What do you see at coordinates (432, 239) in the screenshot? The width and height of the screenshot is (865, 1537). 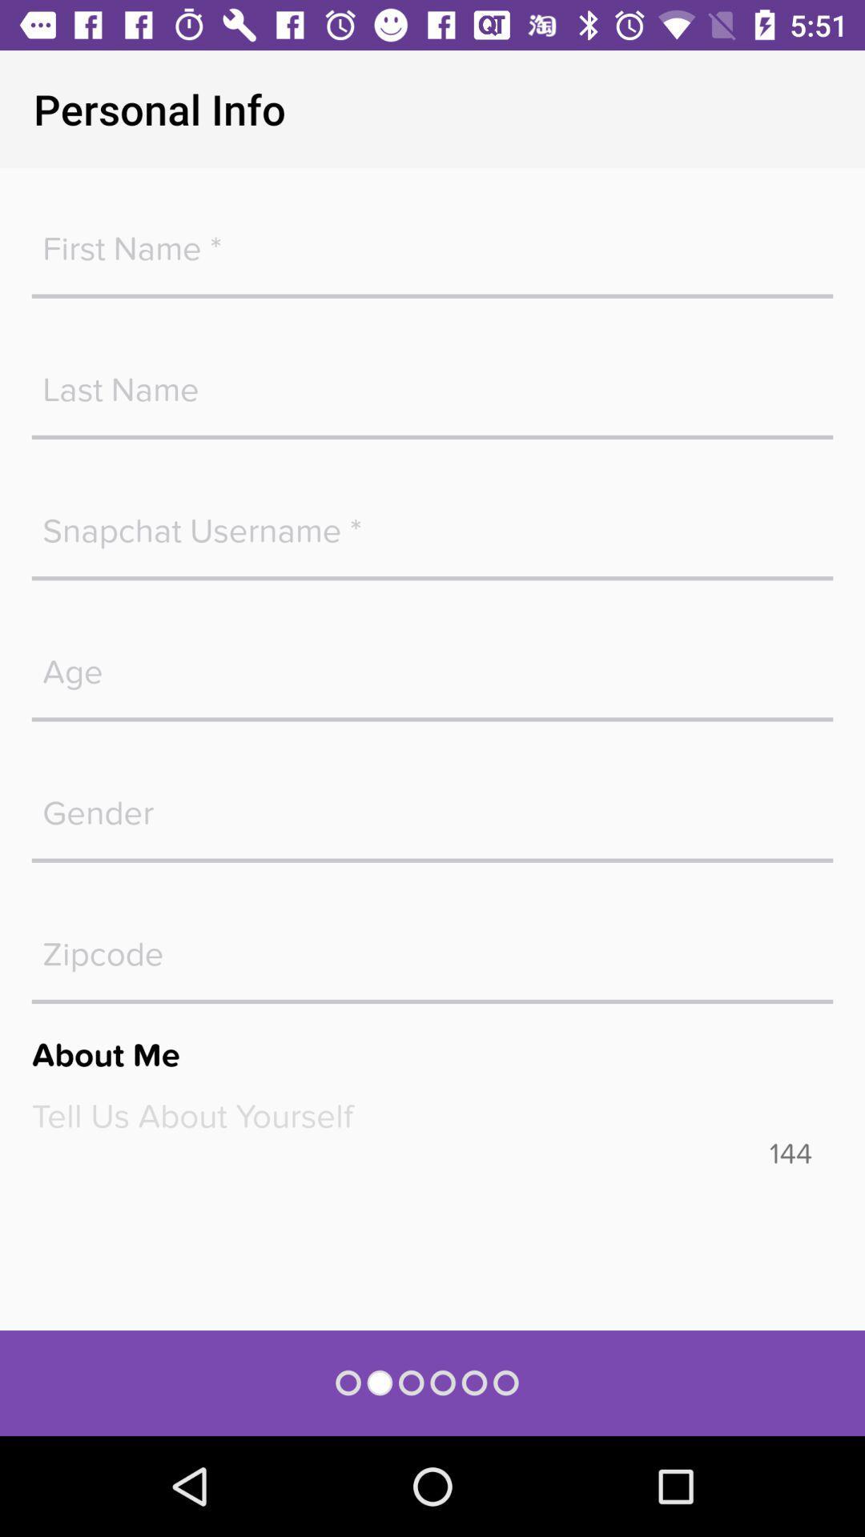 I see `blank space` at bounding box center [432, 239].